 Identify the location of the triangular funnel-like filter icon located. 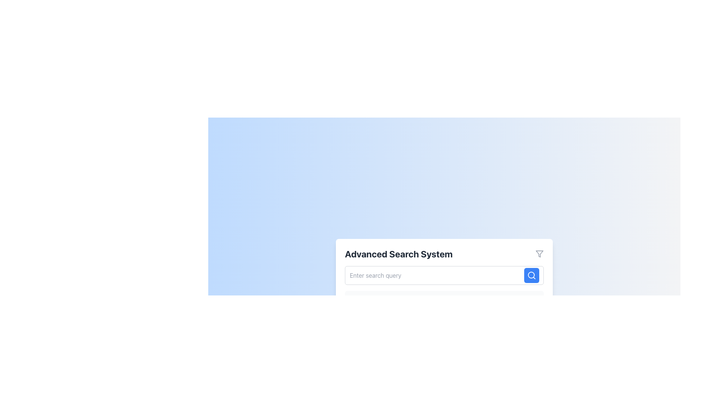
(539, 254).